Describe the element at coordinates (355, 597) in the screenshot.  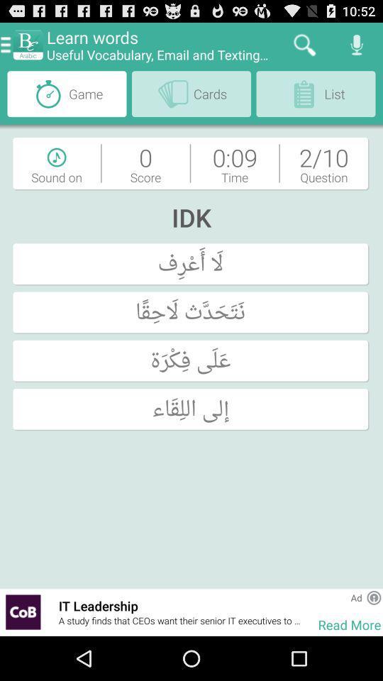
I see `item above read more icon` at that location.